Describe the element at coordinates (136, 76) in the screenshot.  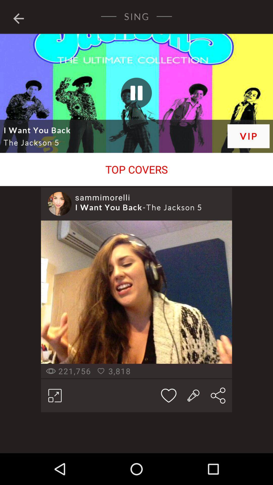
I see `the item above top covers icon` at that location.